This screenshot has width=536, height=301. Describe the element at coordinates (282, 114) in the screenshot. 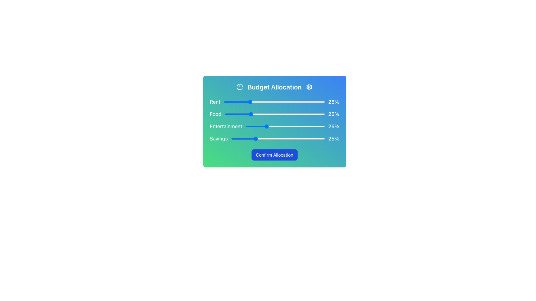

I see `the Food allocation slider` at that location.